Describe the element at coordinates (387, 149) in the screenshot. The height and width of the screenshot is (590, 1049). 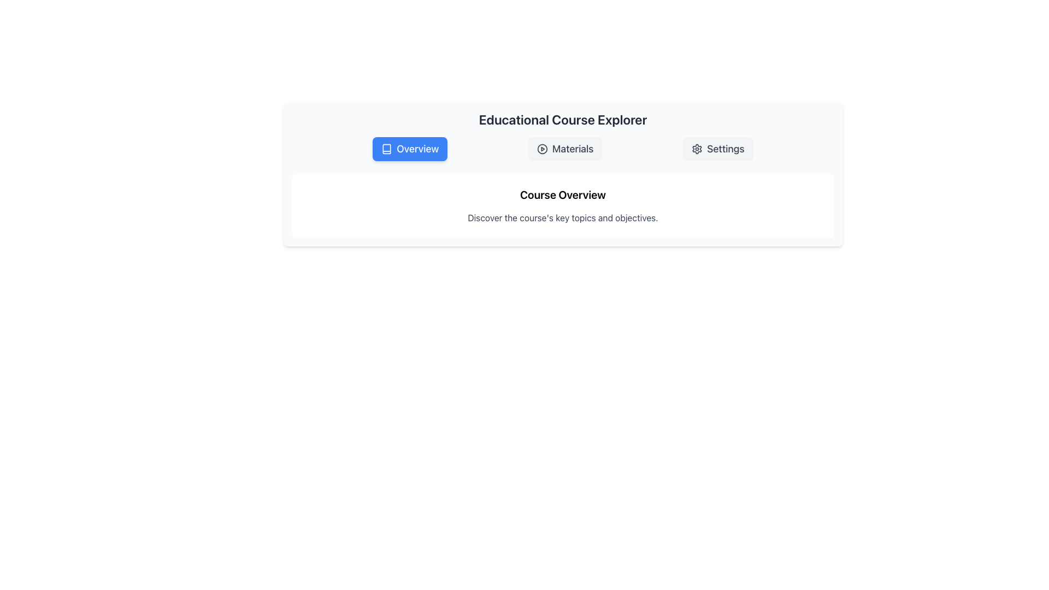
I see `the Overview button which contains the white book icon styled with rounded corners, located to the left of the text 'Overview'` at that location.